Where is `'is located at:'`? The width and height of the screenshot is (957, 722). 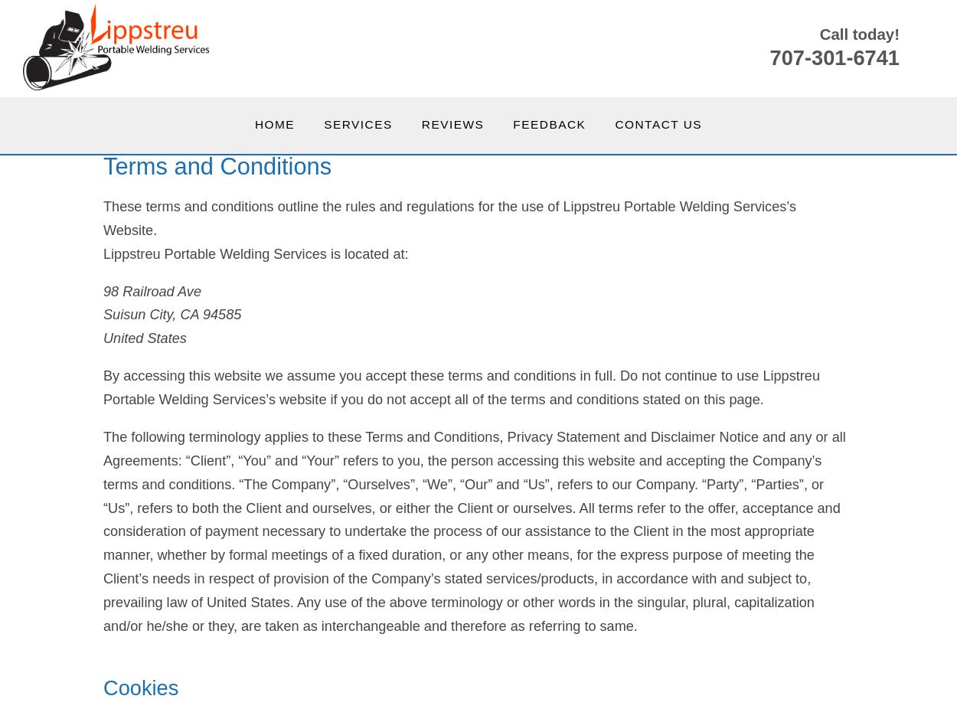
'is located at:' is located at coordinates (366, 253).